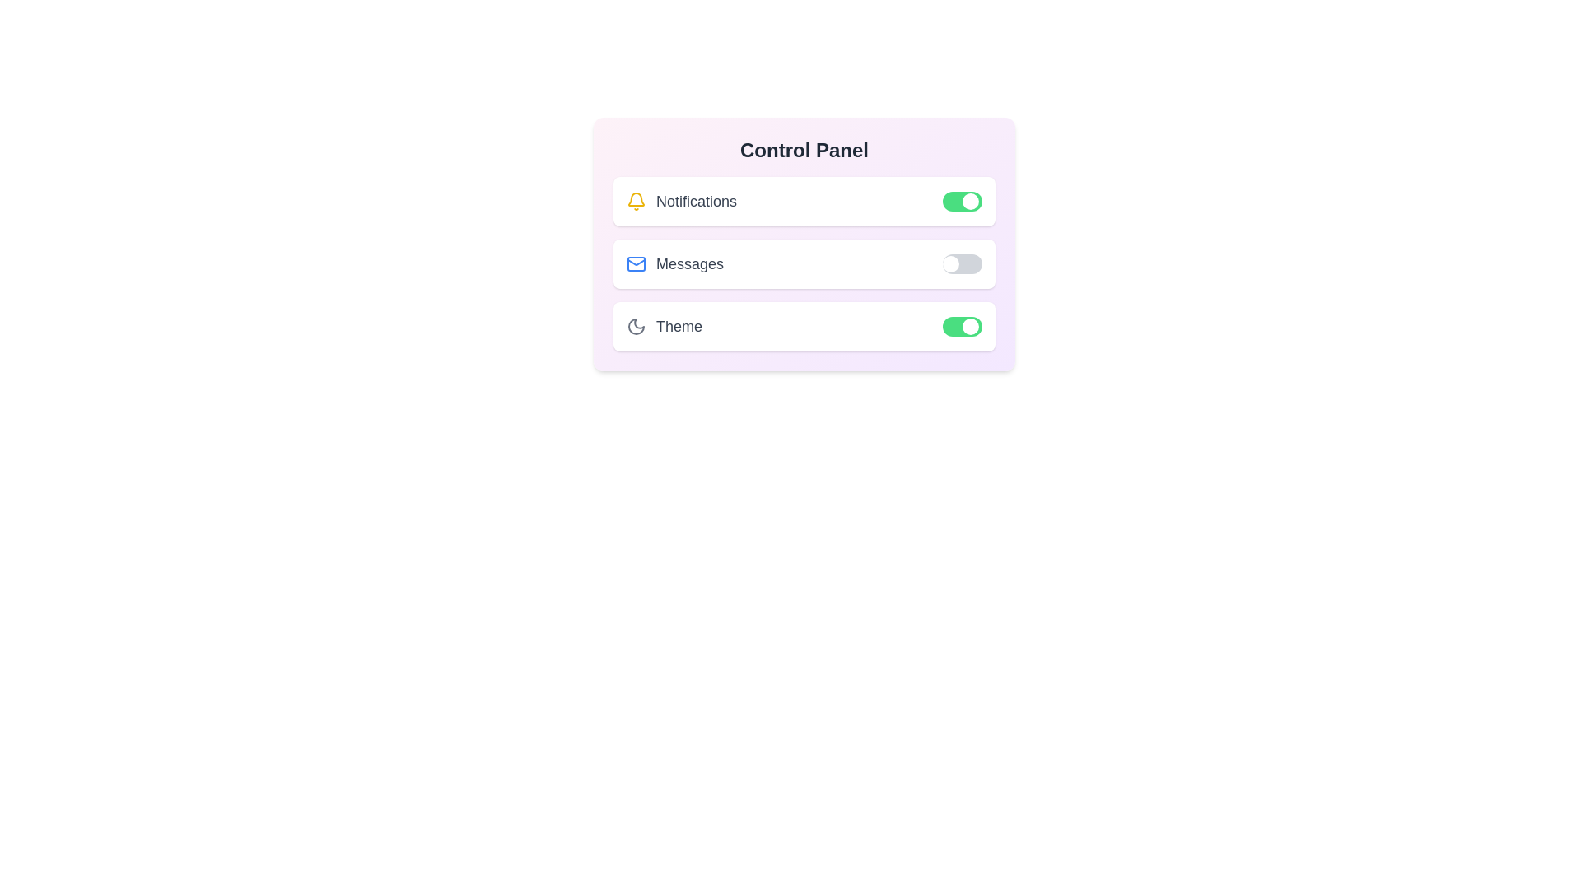  I want to click on the toggle switch thumb, so click(971, 201).